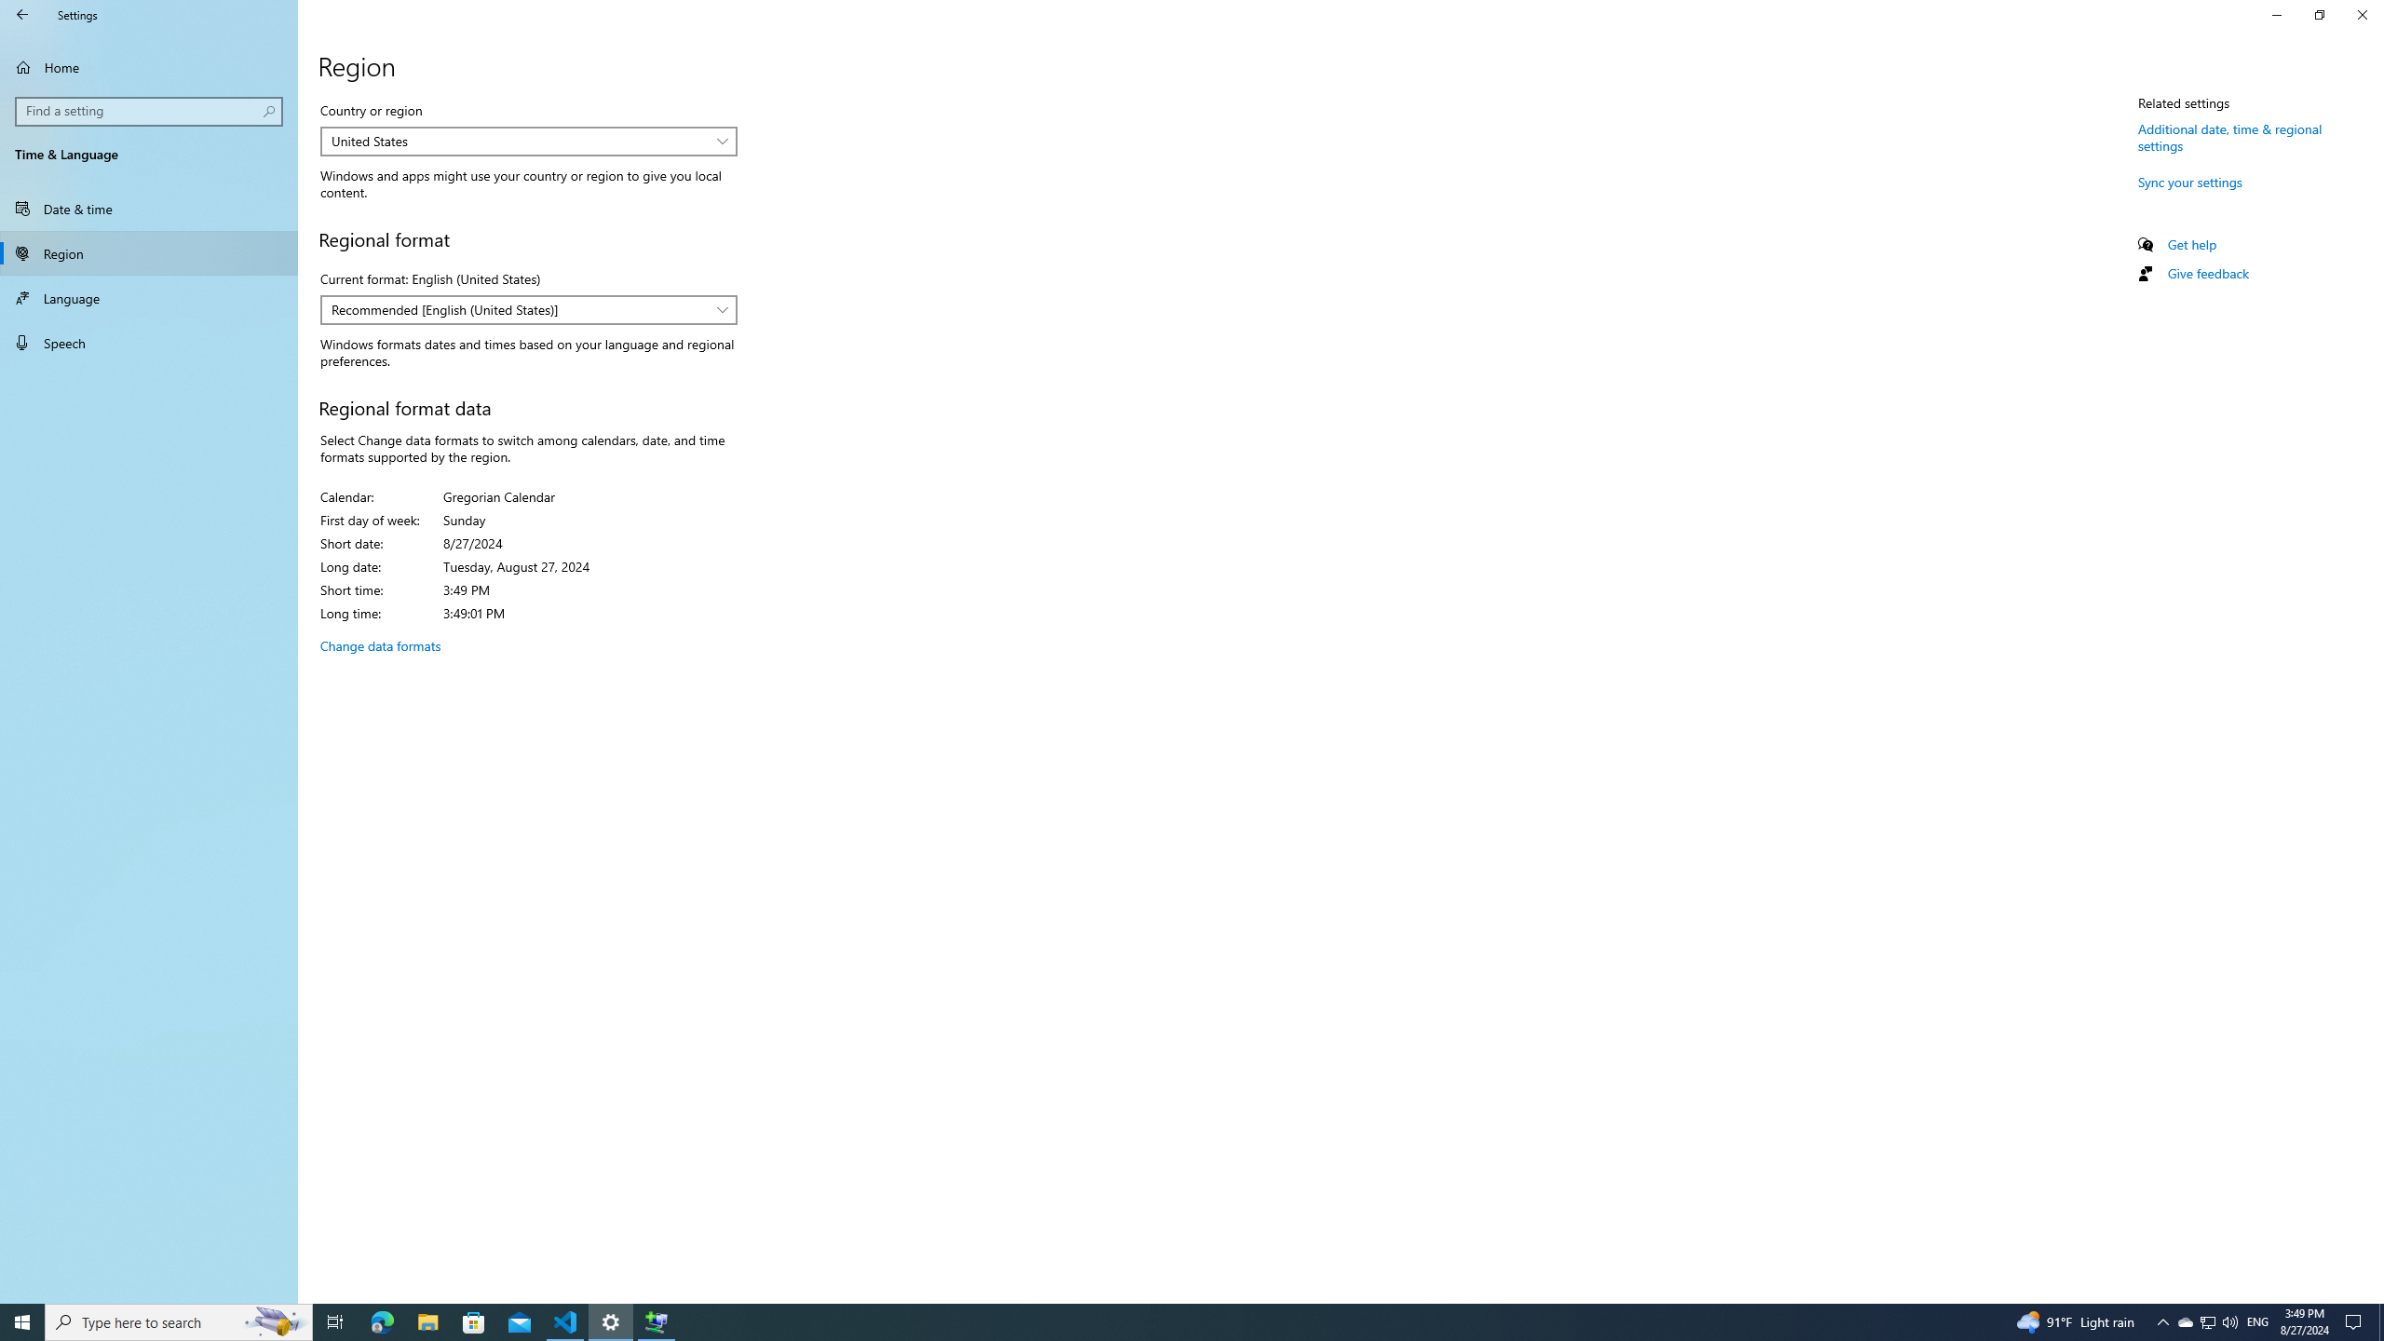  Describe the element at coordinates (657, 1321) in the screenshot. I see `'Extensible Wizards Host Process - 1 running window'` at that location.